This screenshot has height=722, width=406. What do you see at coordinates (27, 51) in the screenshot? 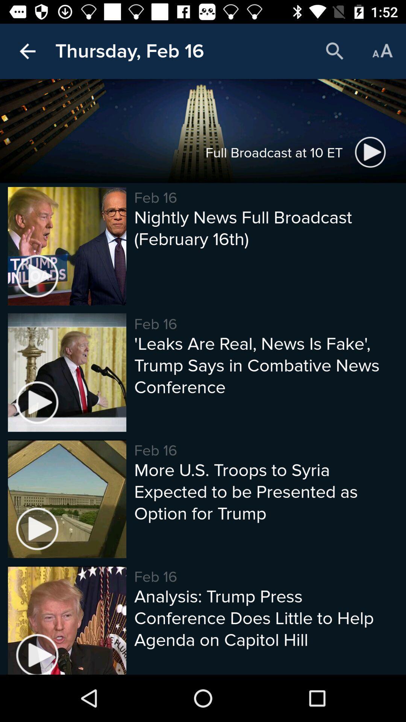
I see `the item next to the thursday, feb 16 icon` at bounding box center [27, 51].